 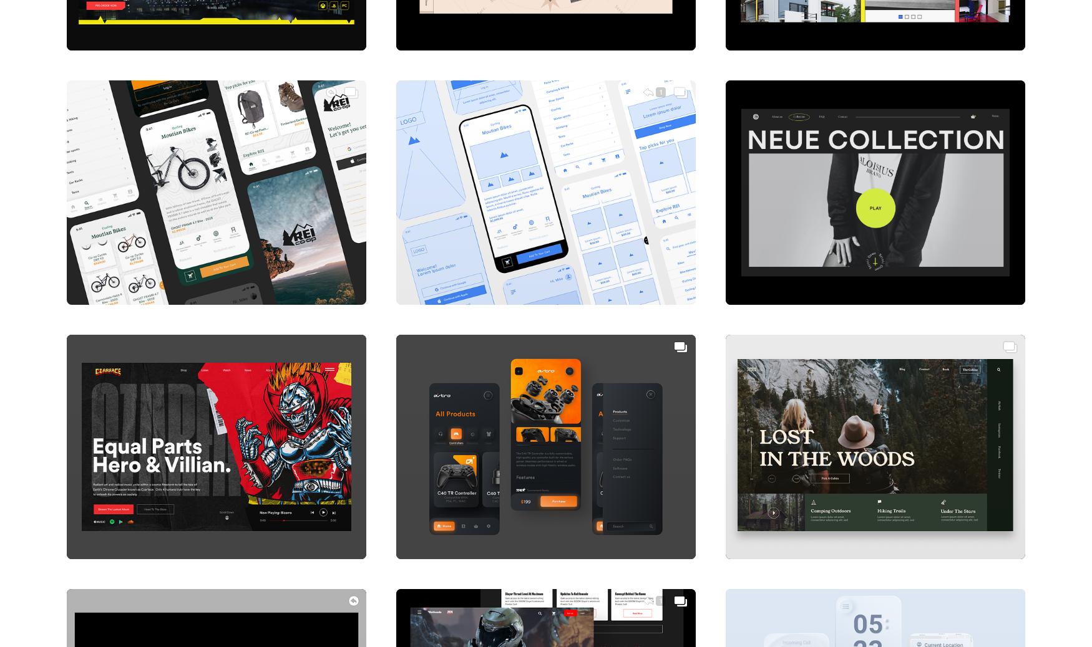 What do you see at coordinates (132, 279) in the screenshot?
I see `'Rei Co-Op App Design'` at bounding box center [132, 279].